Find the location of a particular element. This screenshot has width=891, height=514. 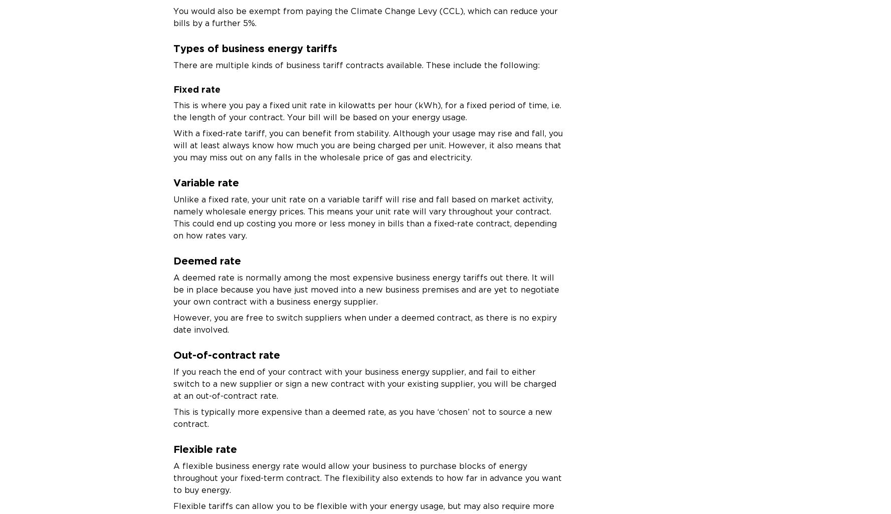

'This is where you pay a fixed unit rate in kilowatts per hour (kWh), for a fixed period of time, i.e. the length of your contract. Your bill will be based on your energy usage.' is located at coordinates (172, 111).